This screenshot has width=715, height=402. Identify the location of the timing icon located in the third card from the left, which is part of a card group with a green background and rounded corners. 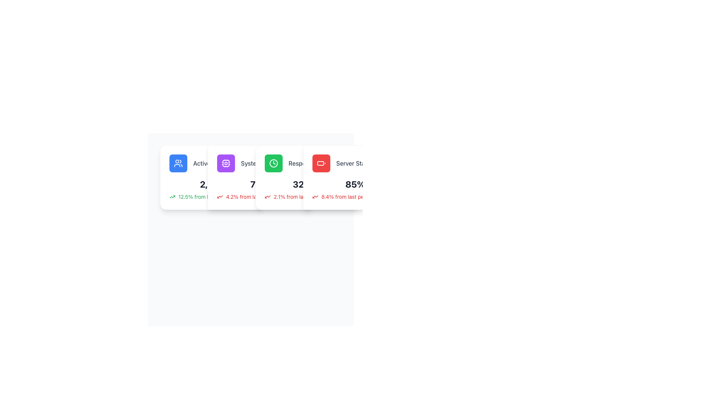
(273, 163).